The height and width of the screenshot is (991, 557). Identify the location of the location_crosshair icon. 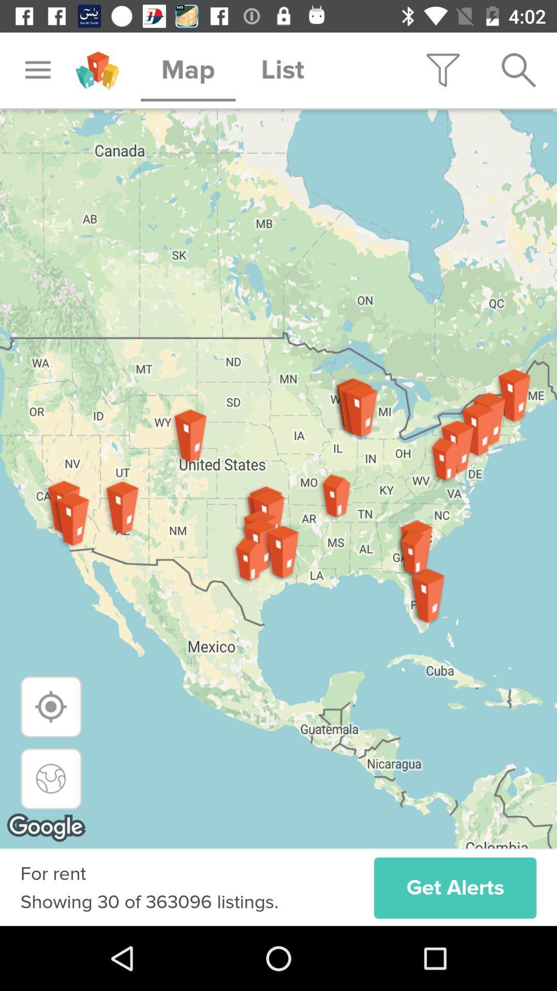
(51, 706).